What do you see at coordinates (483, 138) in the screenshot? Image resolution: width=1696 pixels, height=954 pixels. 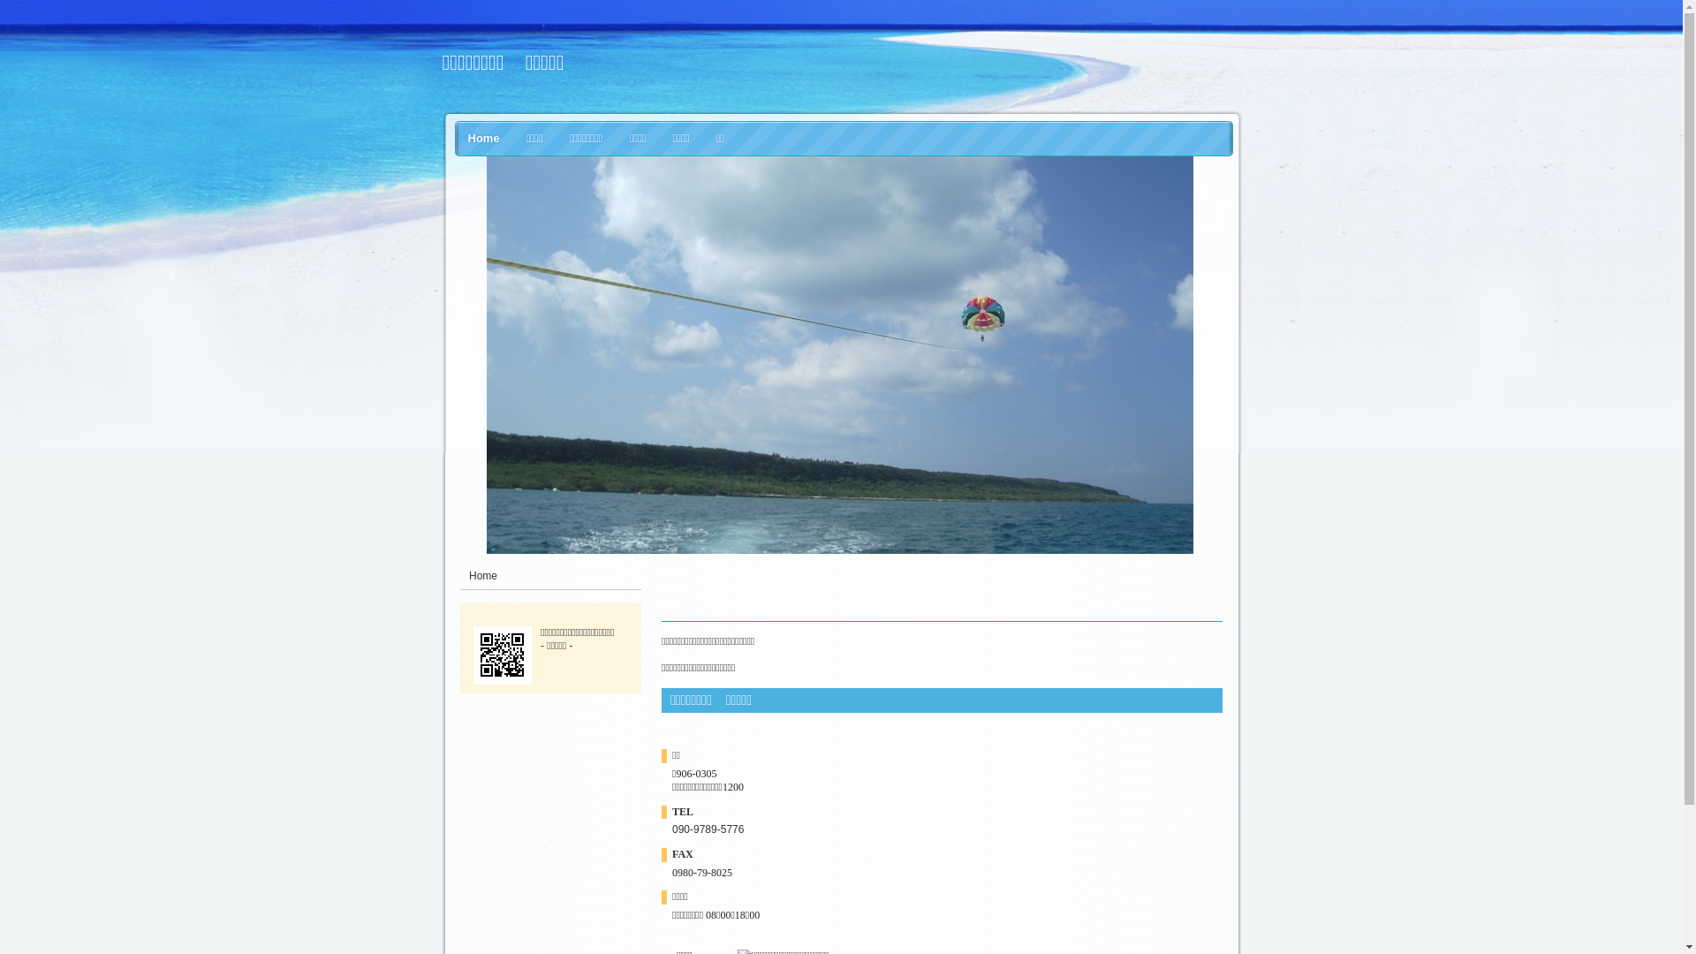 I see `'Home'` at bounding box center [483, 138].